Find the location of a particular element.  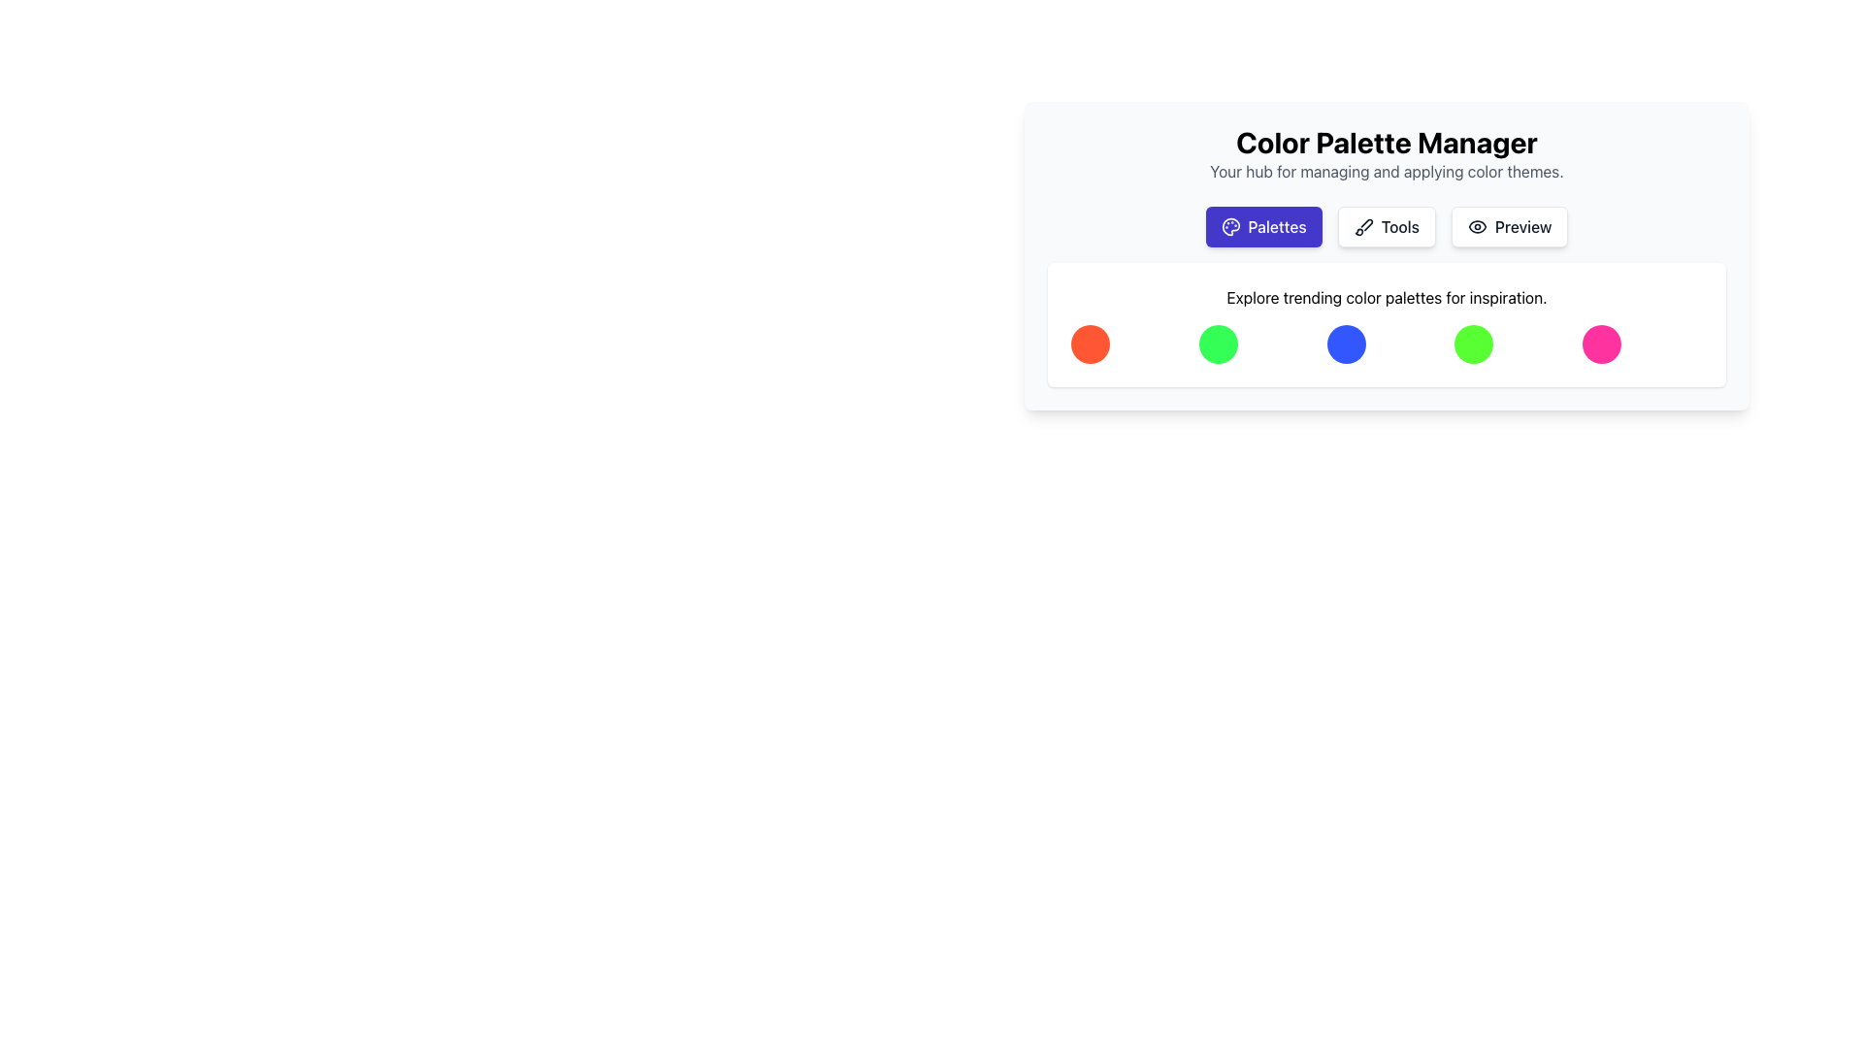

text displayed in the heading titled 'Color Palette Manager' which is prominently formatted with a subtitle 'Your hub for managing and applying color themes.' is located at coordinates (1386, 152).